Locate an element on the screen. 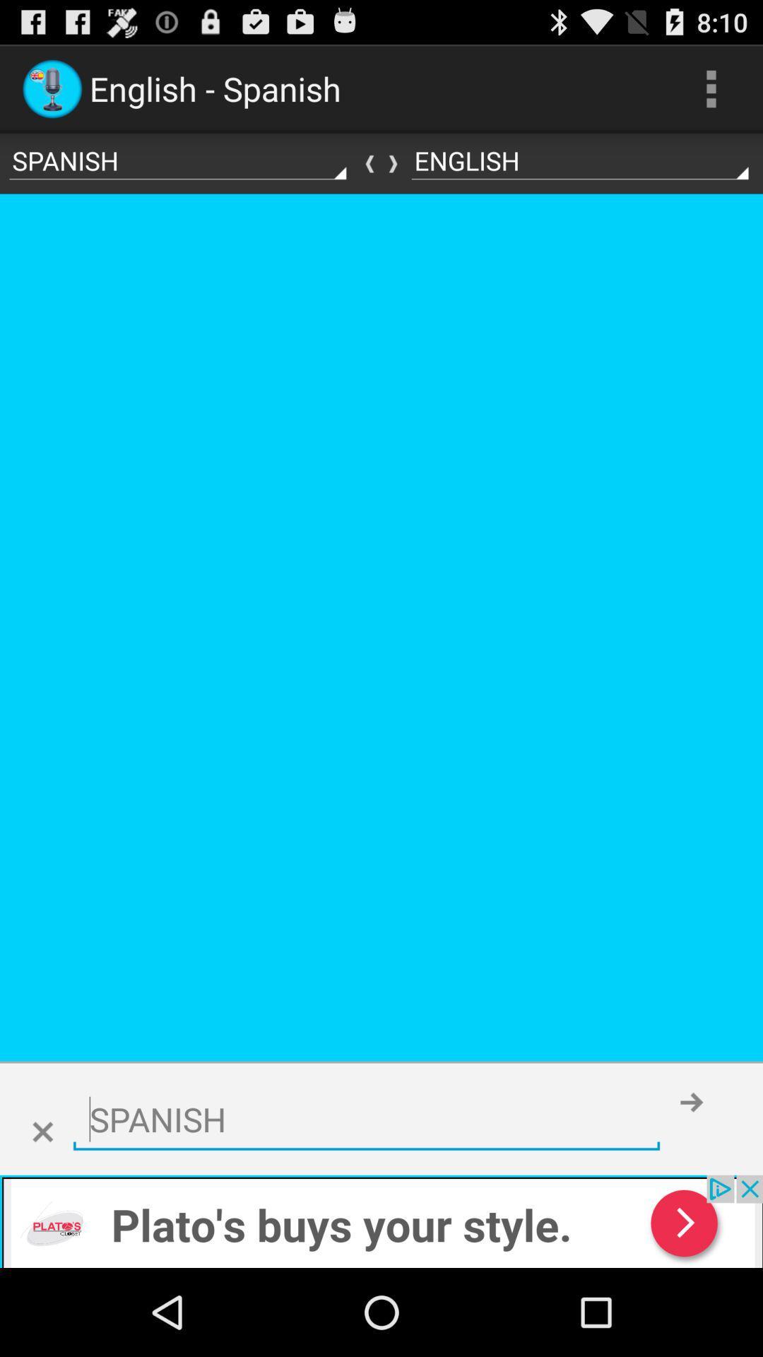 The image size is (763, 1357). close is located at coordinates (42, 1132).